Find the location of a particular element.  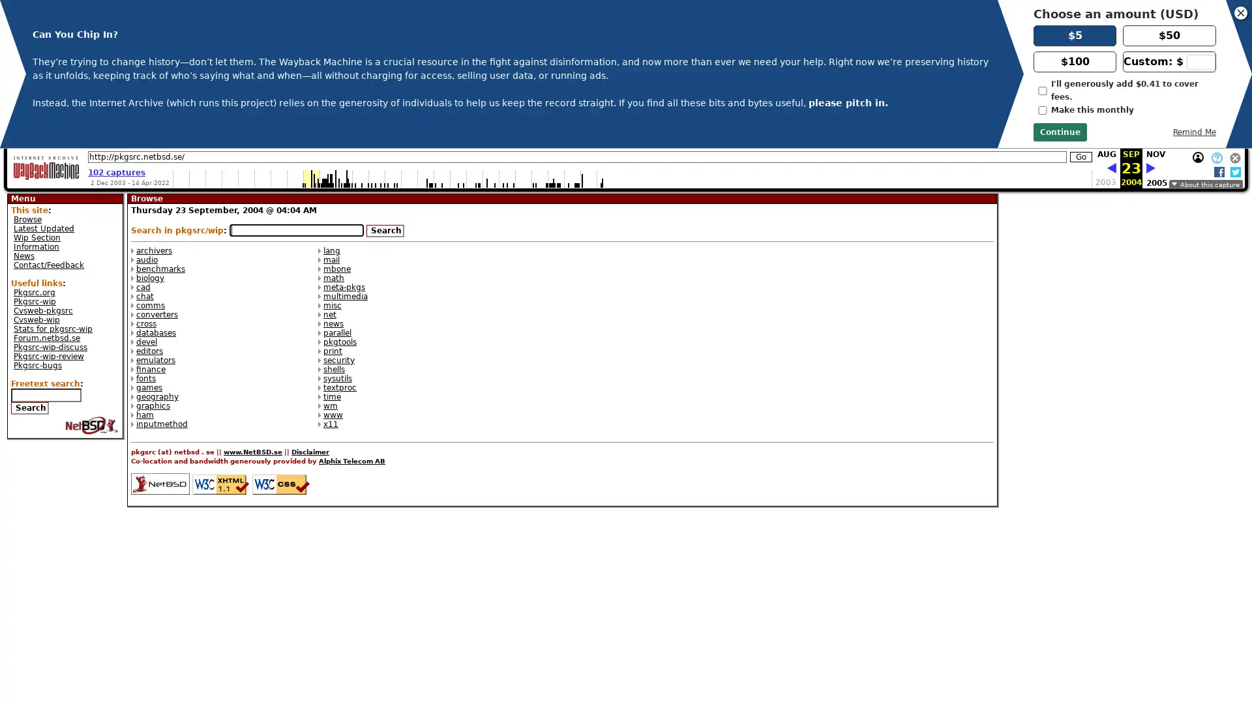

Search is located at coordinates (384, 230).